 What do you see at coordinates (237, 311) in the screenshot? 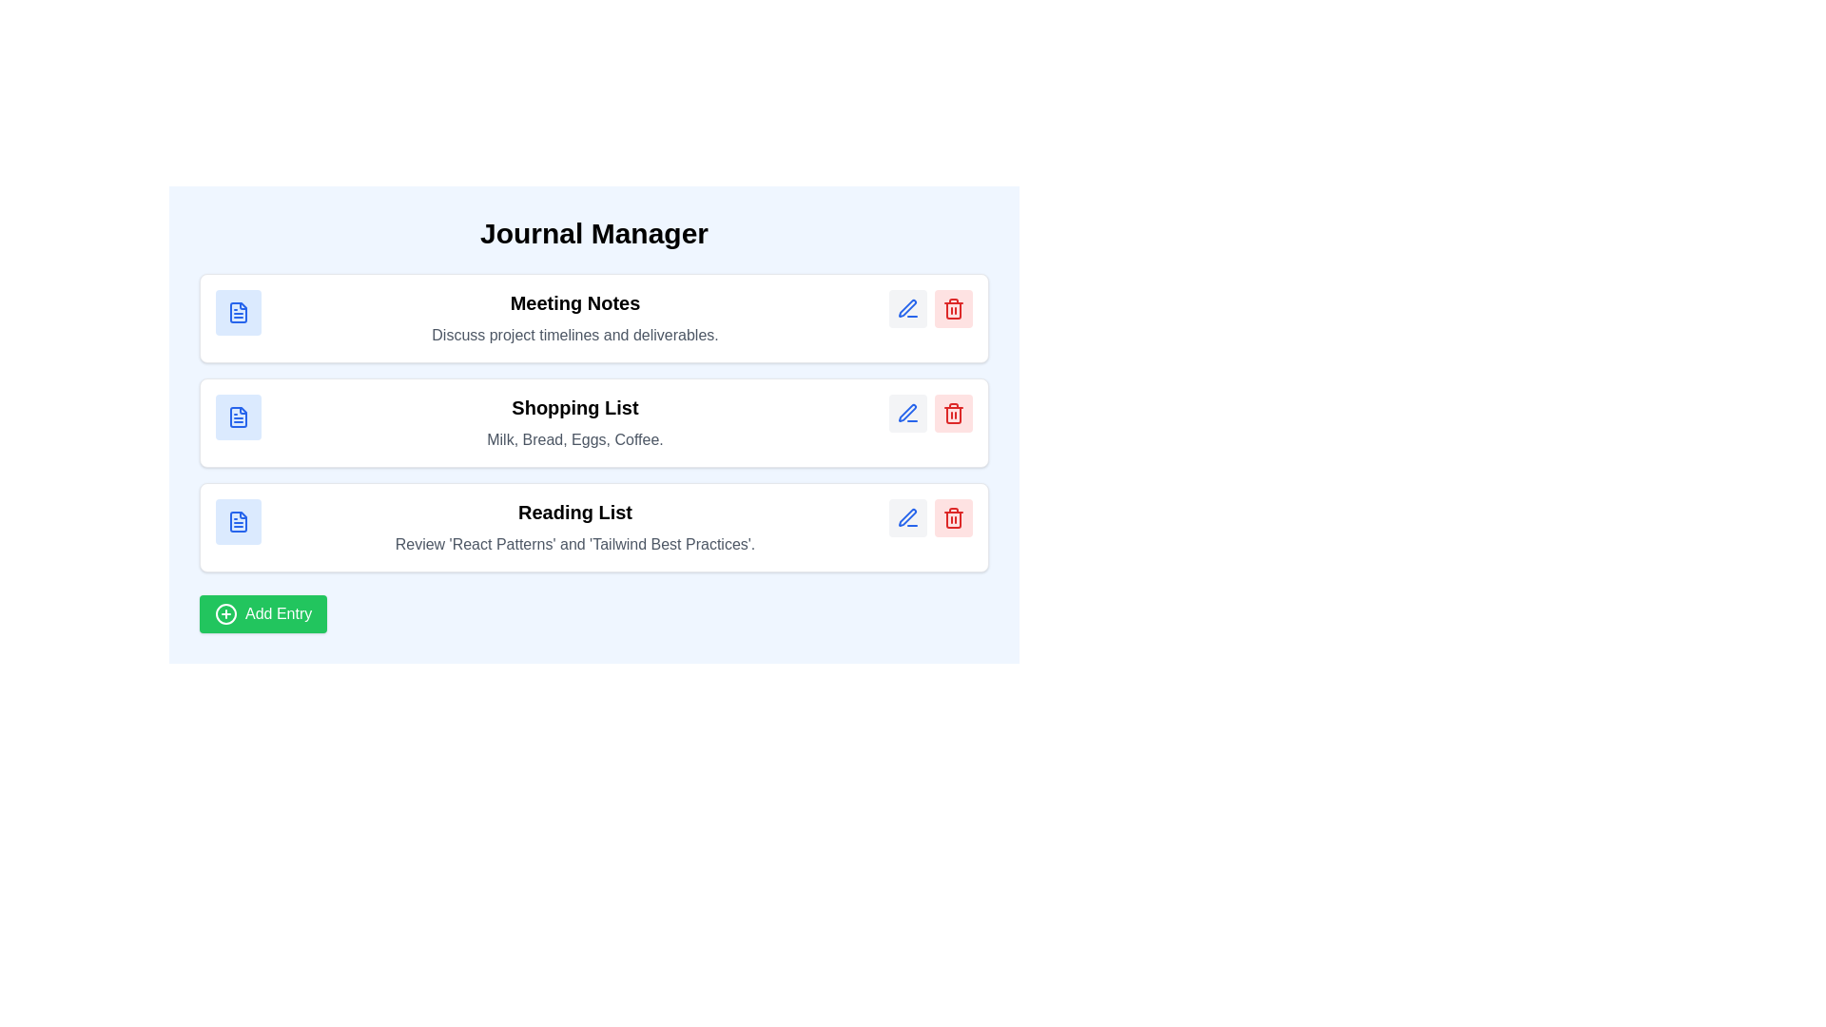
I see `the file icon representing 'Meeting Notes', which is located on the far left side of the entry box` at bounding box center [237, 311].